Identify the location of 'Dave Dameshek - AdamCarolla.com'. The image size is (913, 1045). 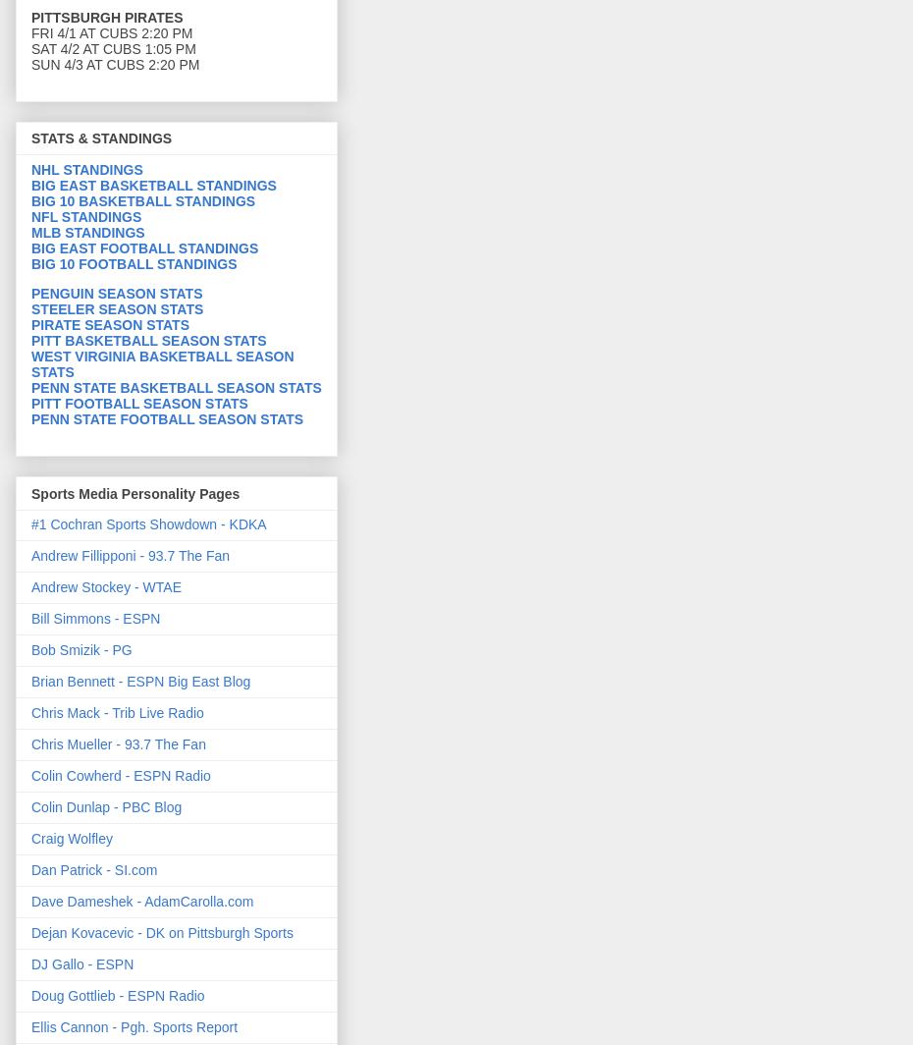
(141, 900).